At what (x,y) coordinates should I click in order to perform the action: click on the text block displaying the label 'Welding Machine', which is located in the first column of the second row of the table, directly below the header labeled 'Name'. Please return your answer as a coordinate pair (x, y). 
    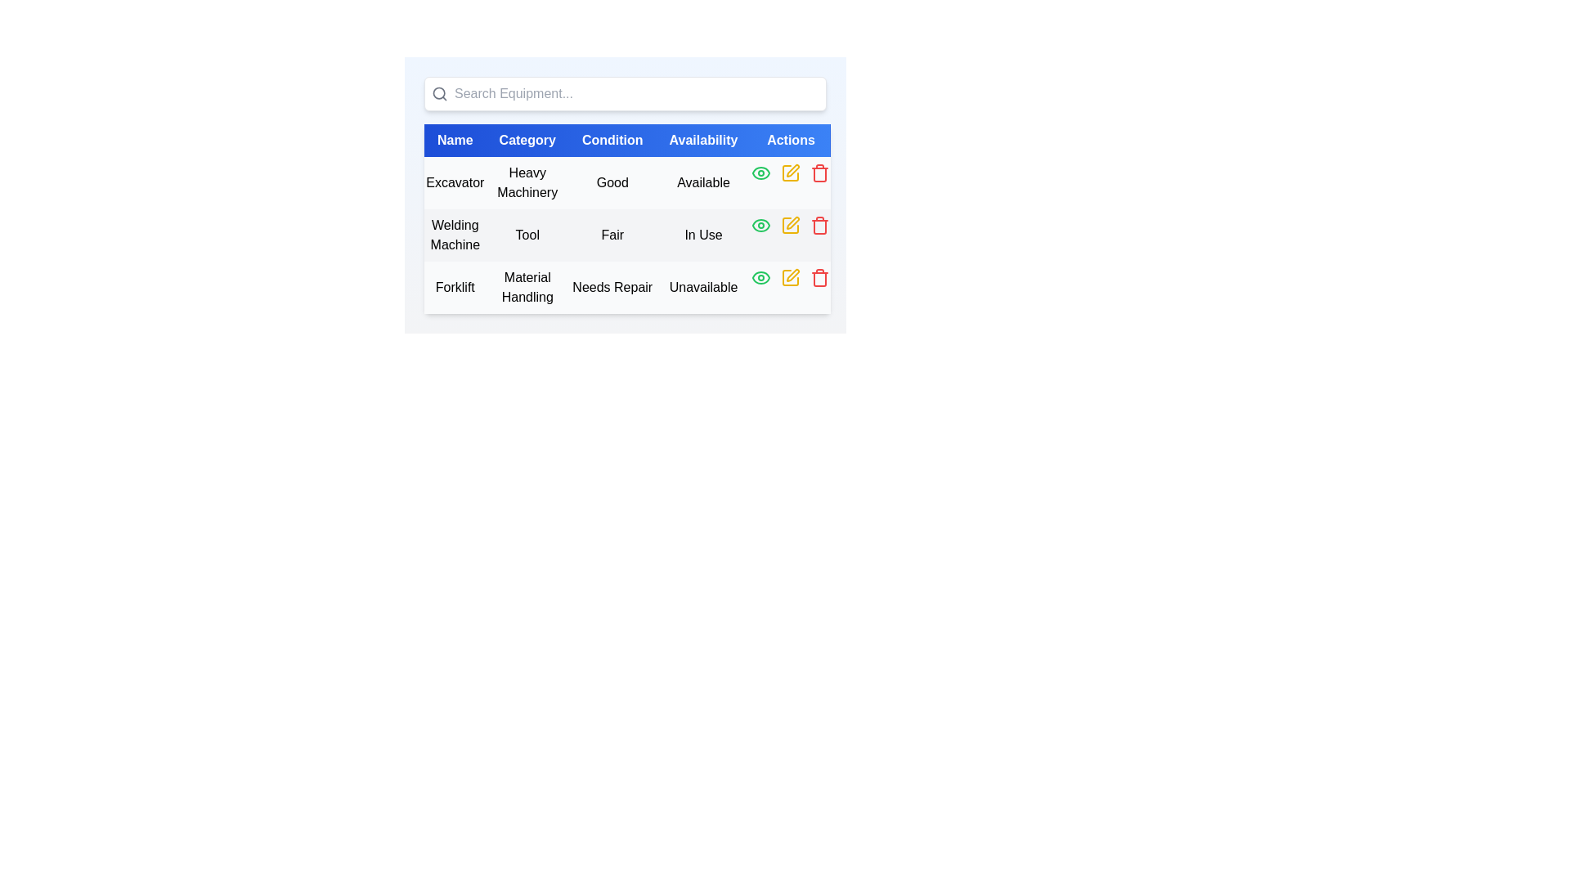
    Looking at the image, I should click on (455, 235).